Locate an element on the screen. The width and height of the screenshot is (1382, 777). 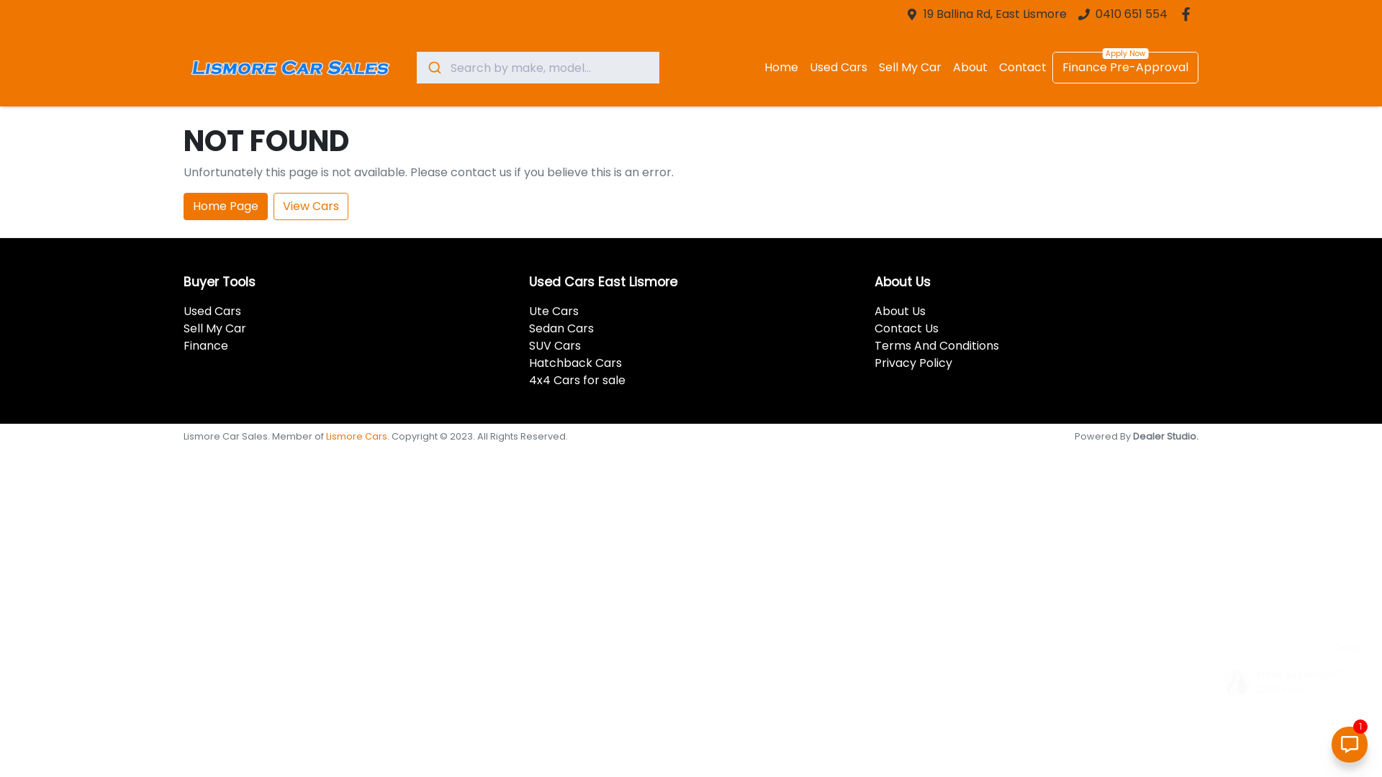
'Home' is located at coordinates (780, 67).